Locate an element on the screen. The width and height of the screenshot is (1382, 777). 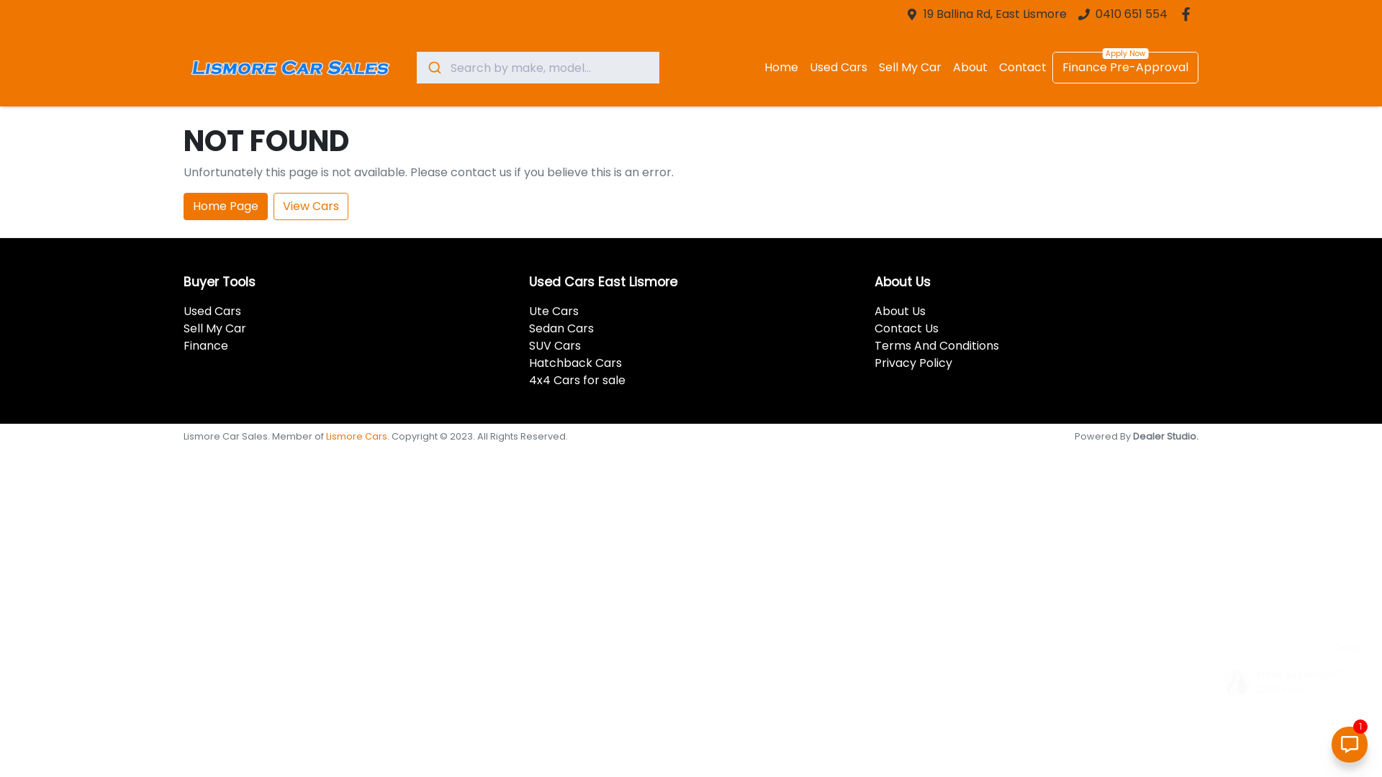
'Home' is located at coordinates (780, 67).